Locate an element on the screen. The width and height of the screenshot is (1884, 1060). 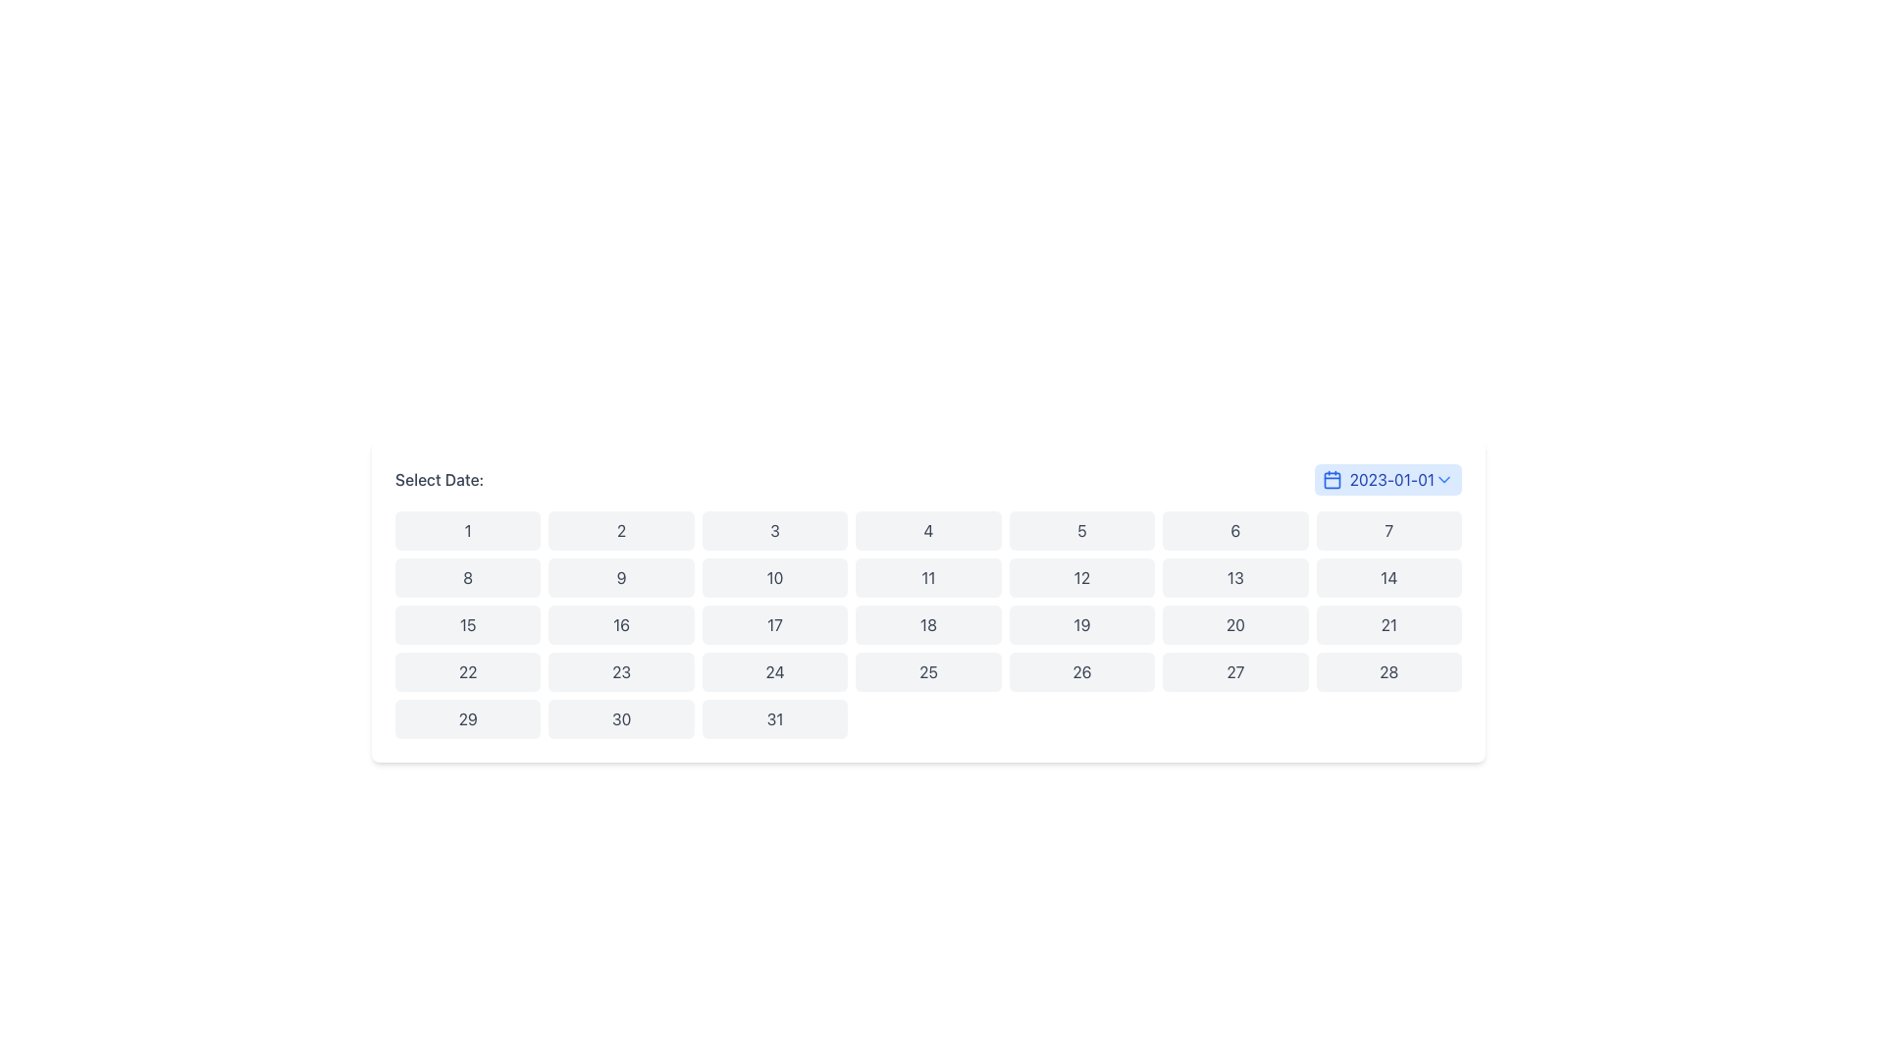
the square button with rounded corners displaying the number '14' is located at coordinates (1387, 577).